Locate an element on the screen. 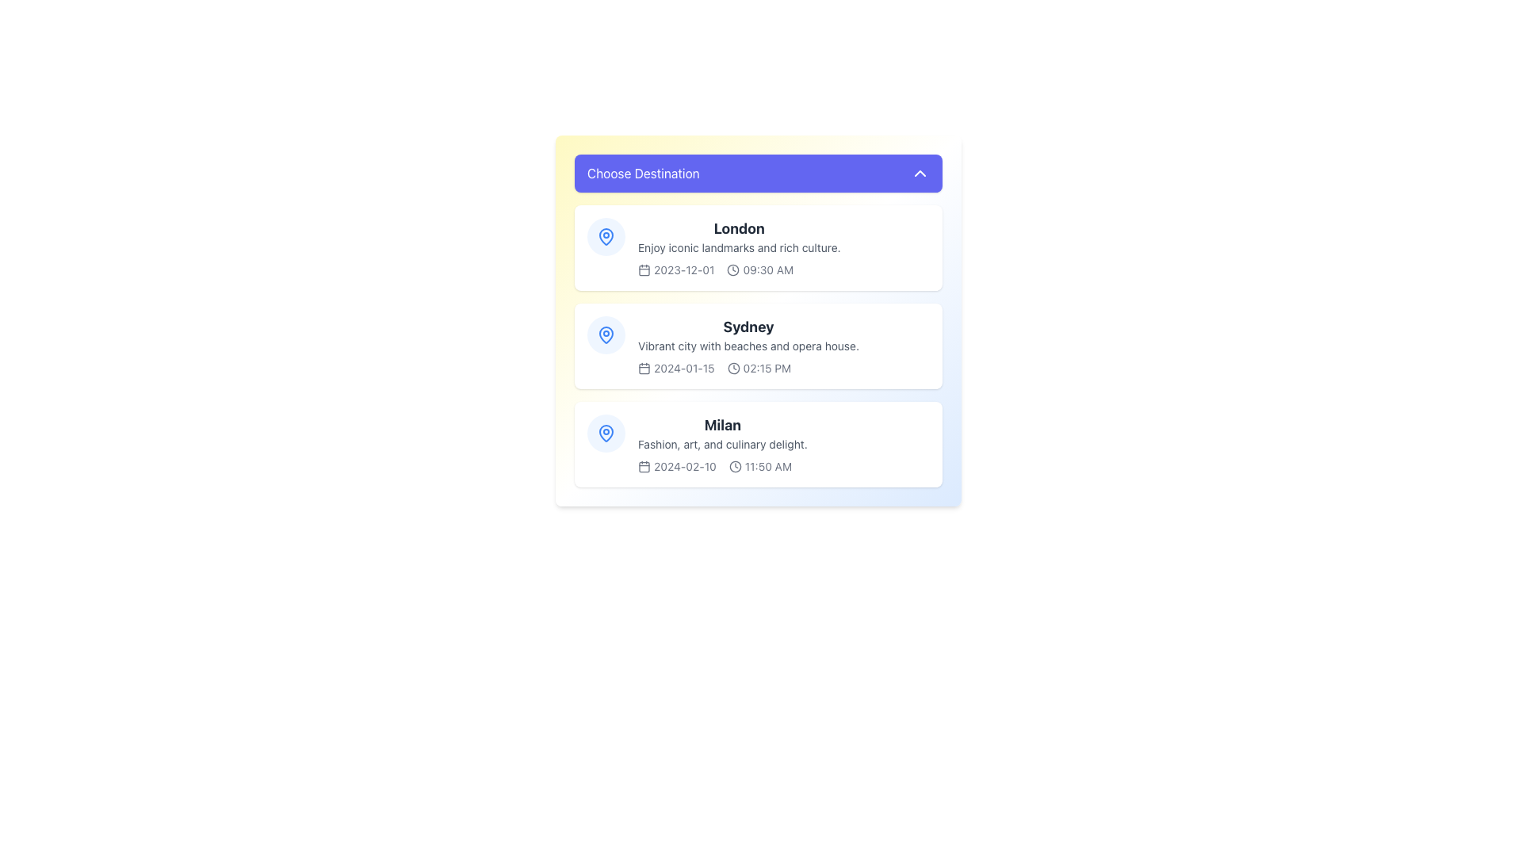 This screenshot has width=1522, height=856. the calendar date icon located to the left of the text '2023-12-01 09:30 AM' which visually indicates the specific date context for the event description and title for 'London' is located at coordinates (644, 269).